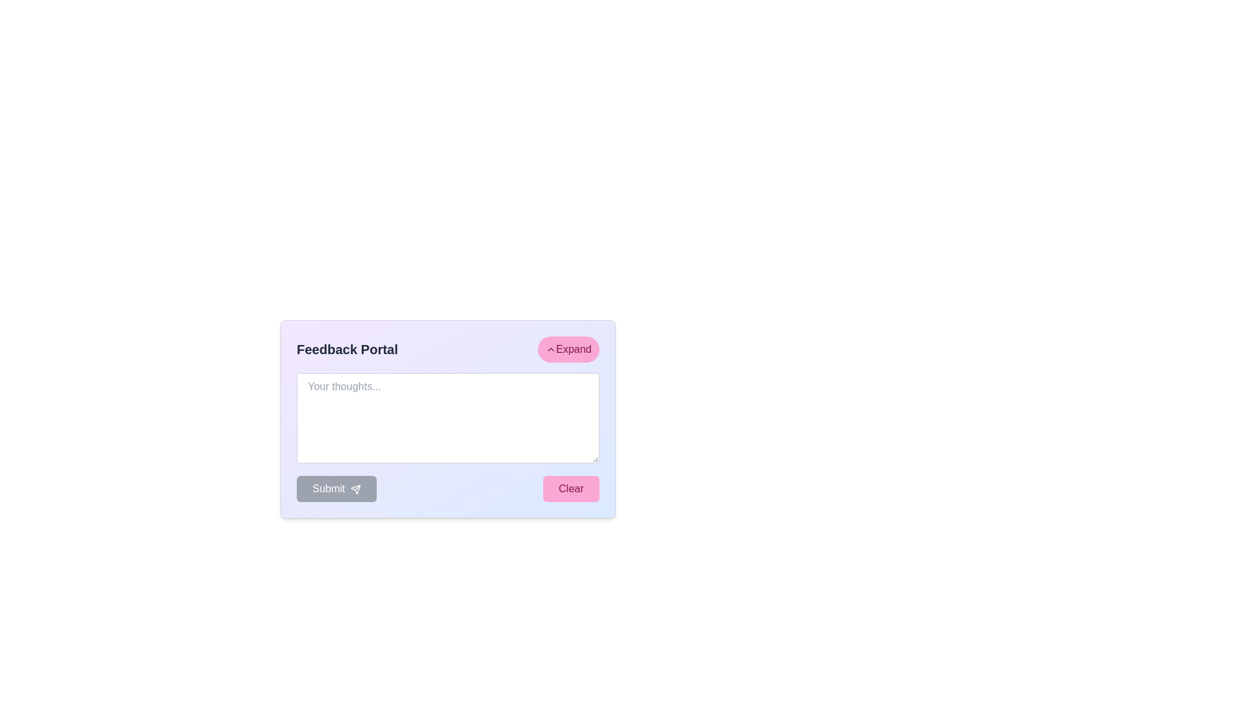 This screenshot has height=707, width=1258. What do you see at coordinates (356, 489) in the screenshot?
I see `the 'Submit' button by clicking on the graphical icon resembling a paper plane, which is located on the right side of the button's text` at bounding box center [356, 489].